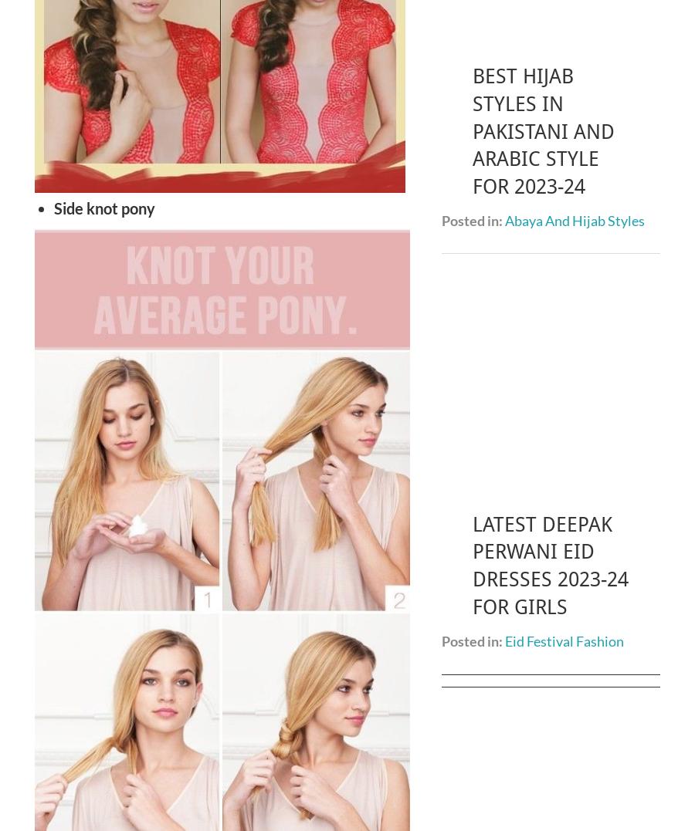 The width and height of the screenshot is (695, 831). Describe the element at coordinates (548, 637) in the screenshot. I see `'Sajal Ali Biography | Age, Height, Husband, Personal Life, Career 2023'` at that location.